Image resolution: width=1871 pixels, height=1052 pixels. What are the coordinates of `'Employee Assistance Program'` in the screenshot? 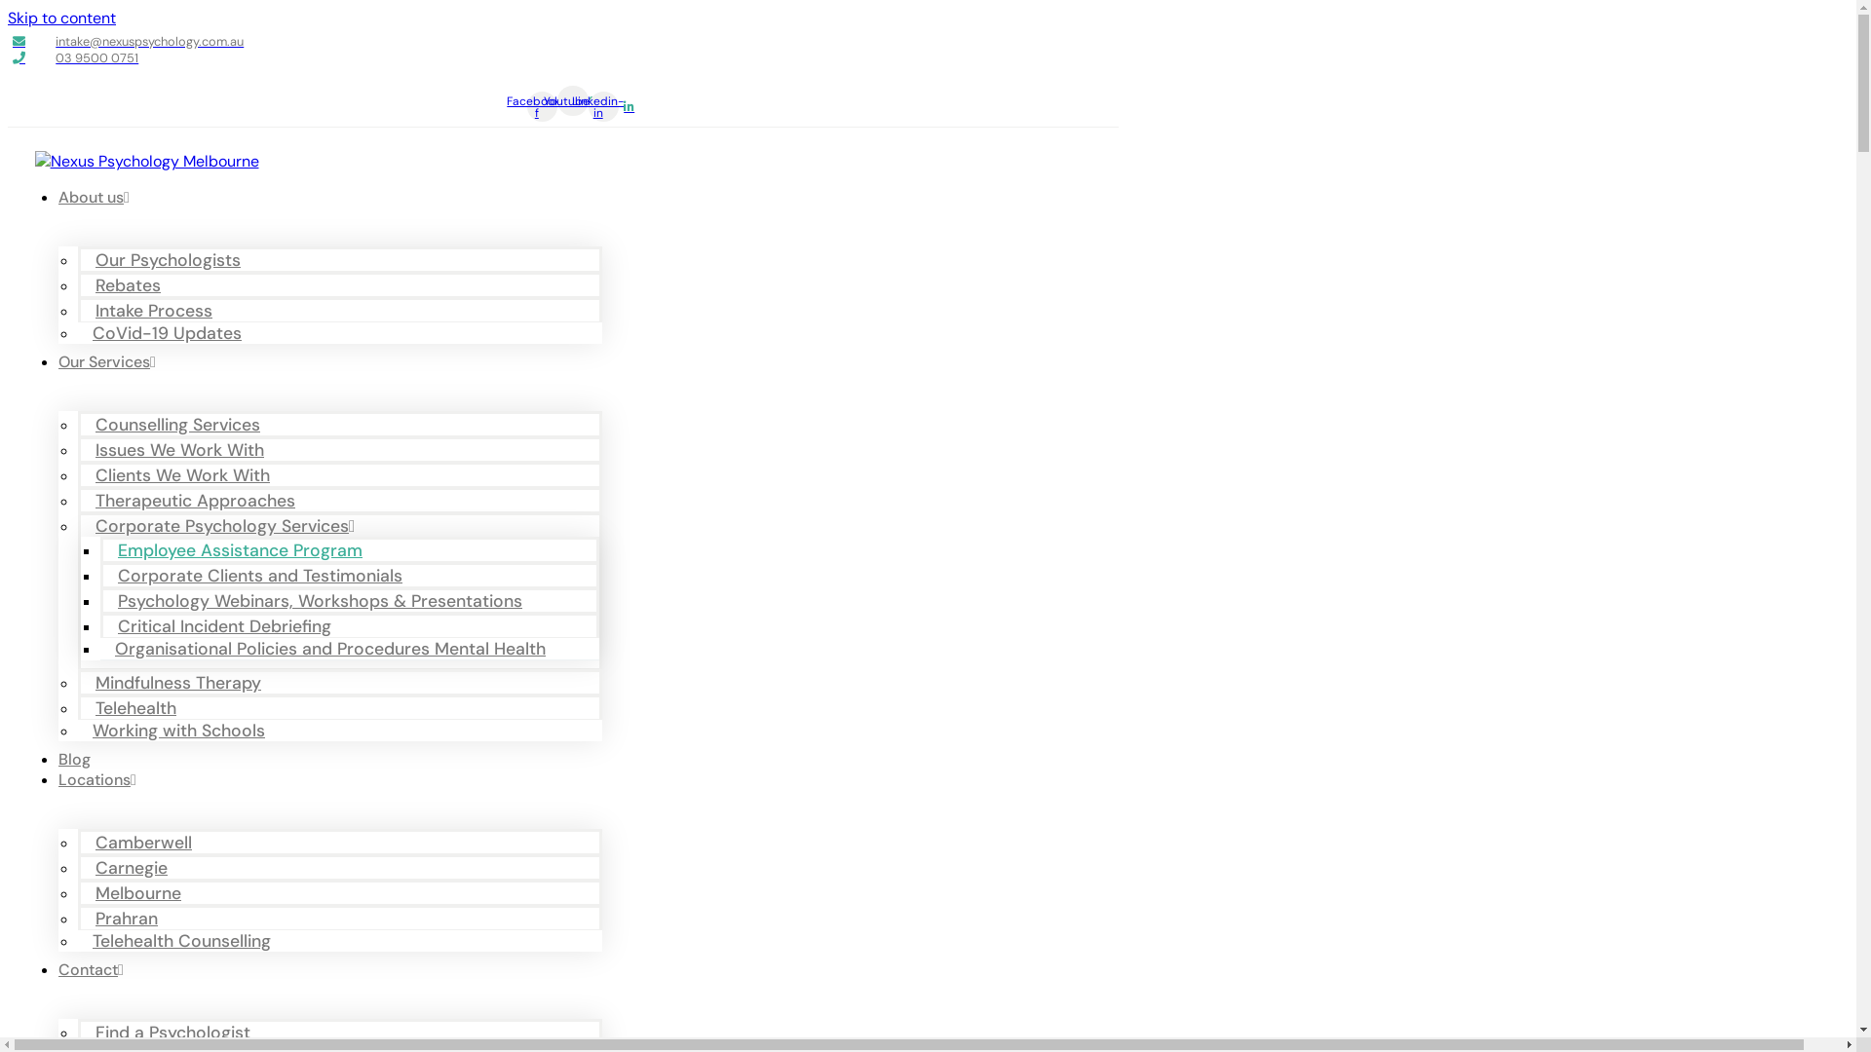 It's located at (244, 549).